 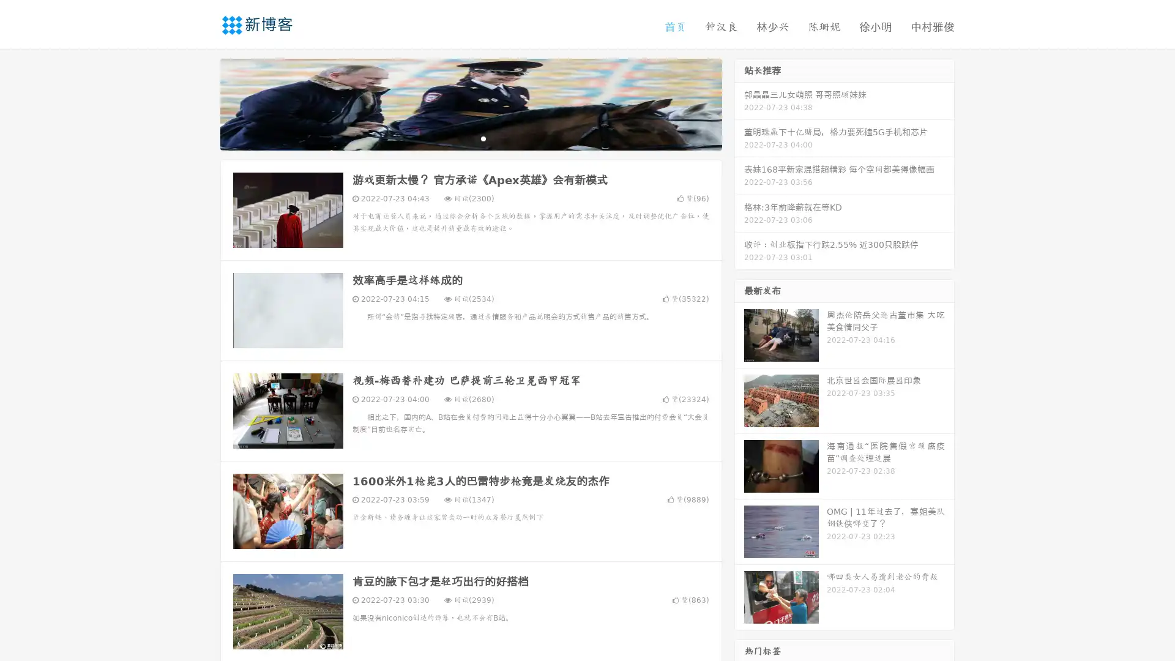 What do you see at coordinates (483, 138) in the screenshot?
I see `Go to slide 3` at bounding box center [483, 138].